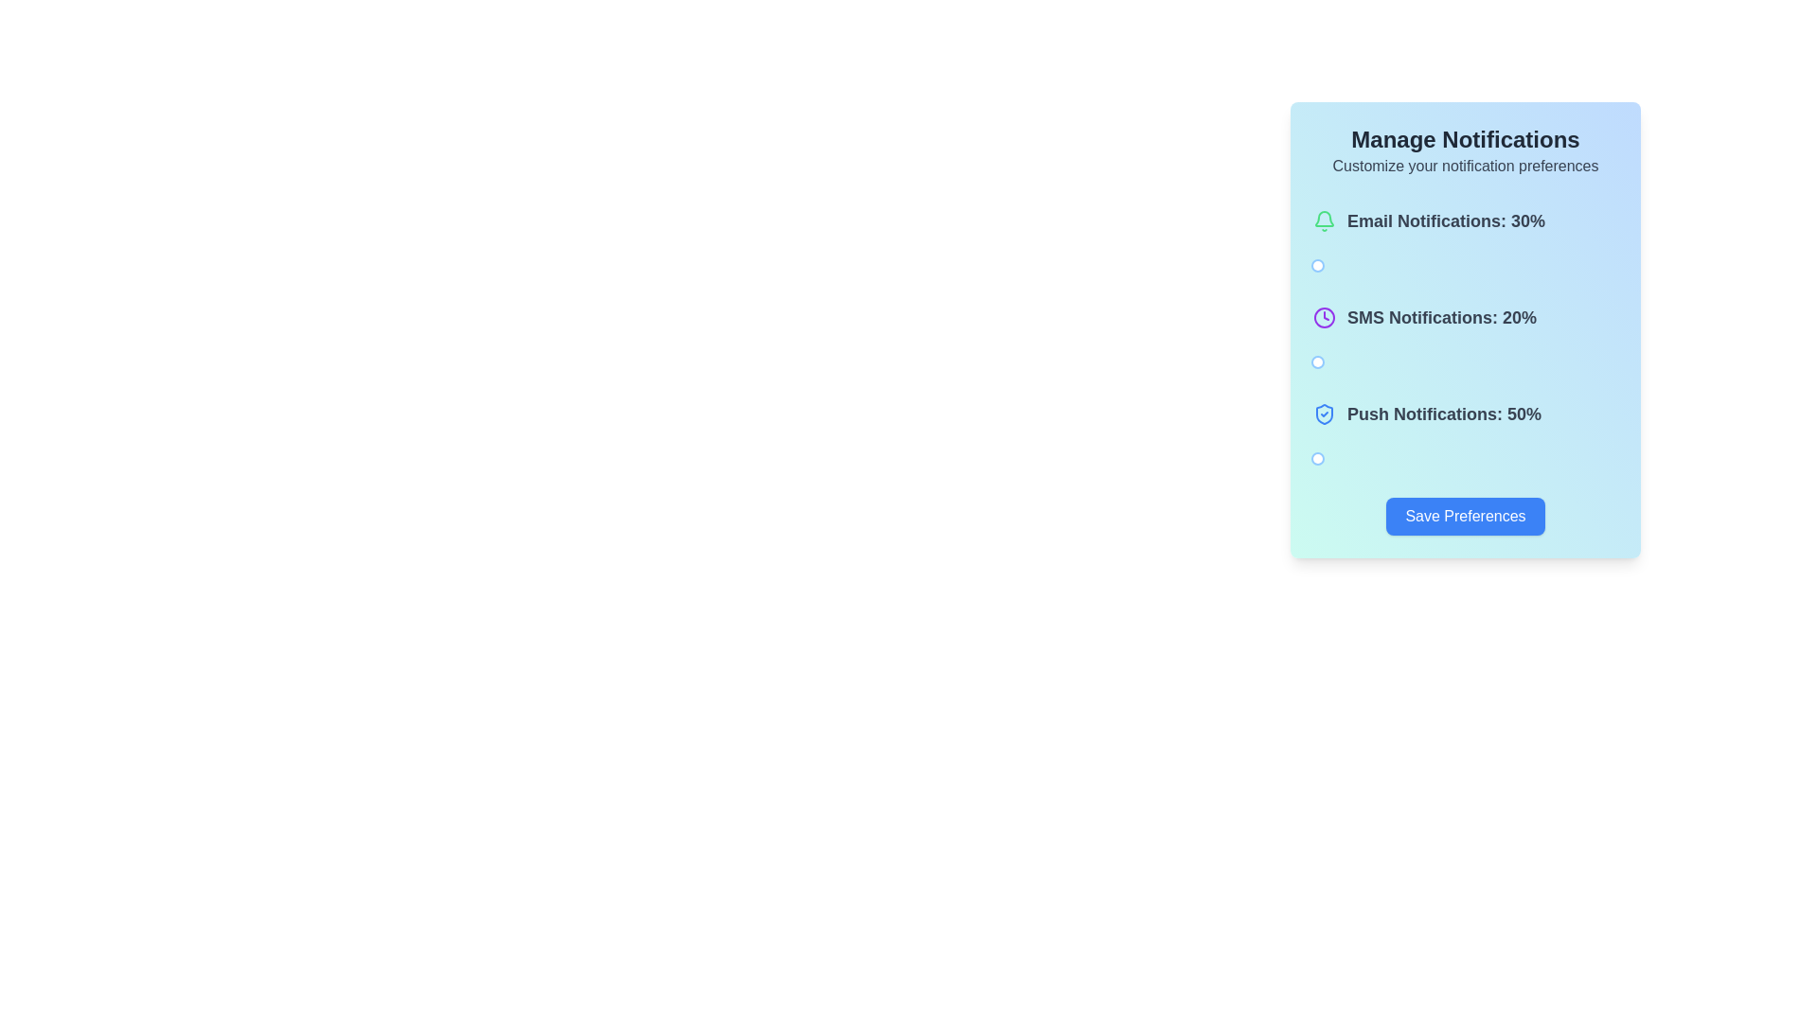  Describe the element at coordinates (1440, 316) in the screenshot. I see `the SMS notification preference text label, which is positioned below the 'Email Notifications: 30%' text and above the 'Push Notifications: 50%' text, located in the center-right portion of the card layout` at that location.